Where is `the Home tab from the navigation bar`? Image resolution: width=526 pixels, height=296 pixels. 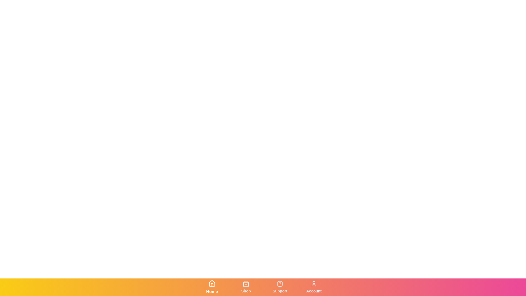
the Home tab from the navigation bar is located at coordinates (211, 287).